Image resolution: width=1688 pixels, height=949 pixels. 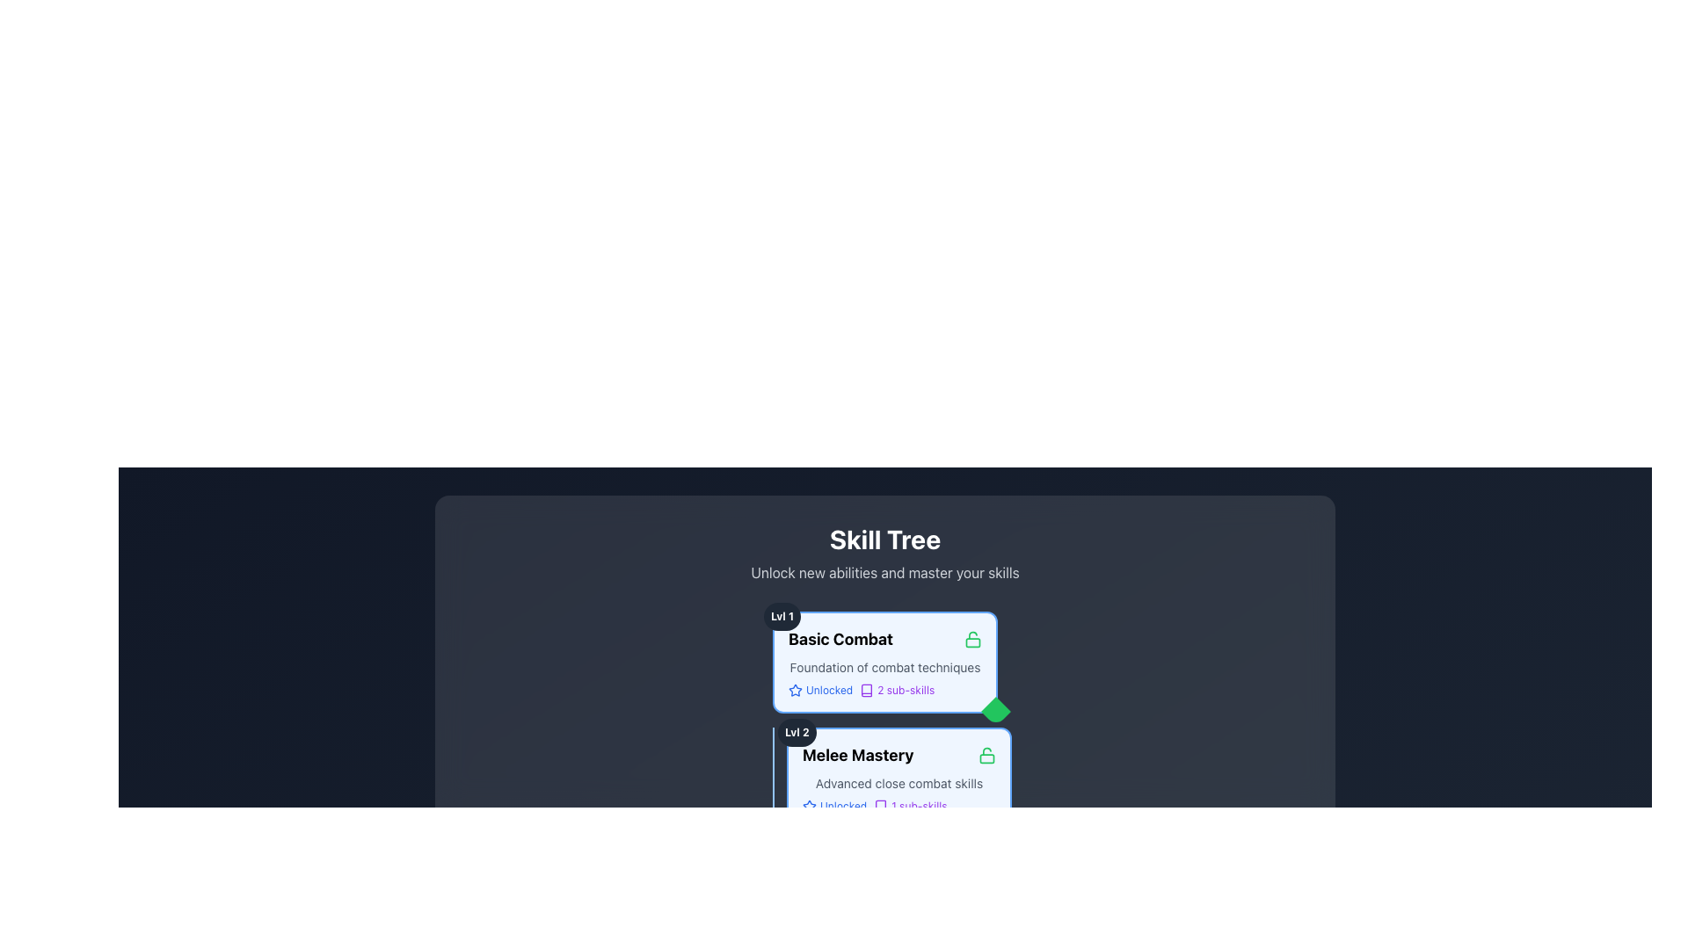 I want to click on the Text label indicating the number of sub-skills associated with the 'Melee Mastery' skill, which is positioned directly below the 'Unlocked' status in the 'Melee Mastery' card, so click(x=910, y=807).